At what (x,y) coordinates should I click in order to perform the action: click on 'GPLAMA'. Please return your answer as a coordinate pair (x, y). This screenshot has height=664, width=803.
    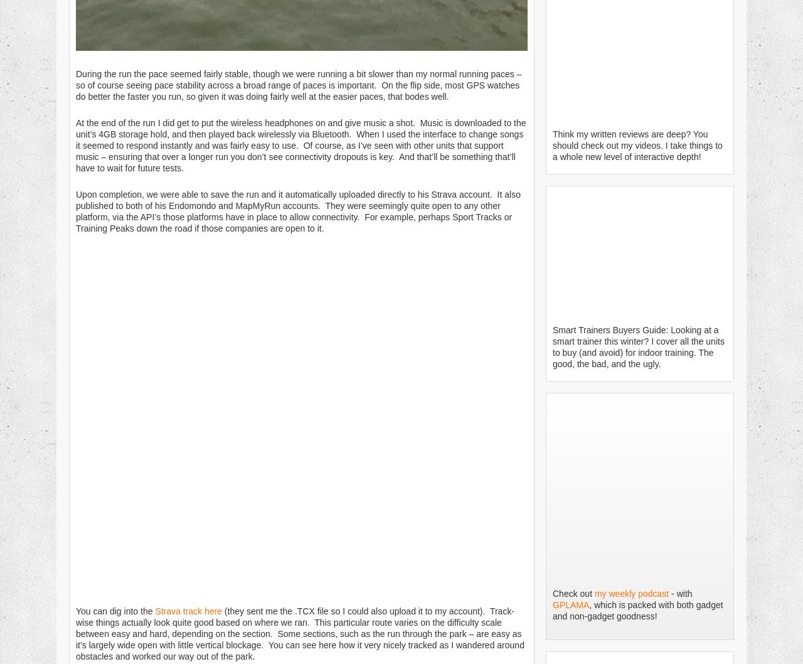
    Looking at the image, I should click on (570, 605).